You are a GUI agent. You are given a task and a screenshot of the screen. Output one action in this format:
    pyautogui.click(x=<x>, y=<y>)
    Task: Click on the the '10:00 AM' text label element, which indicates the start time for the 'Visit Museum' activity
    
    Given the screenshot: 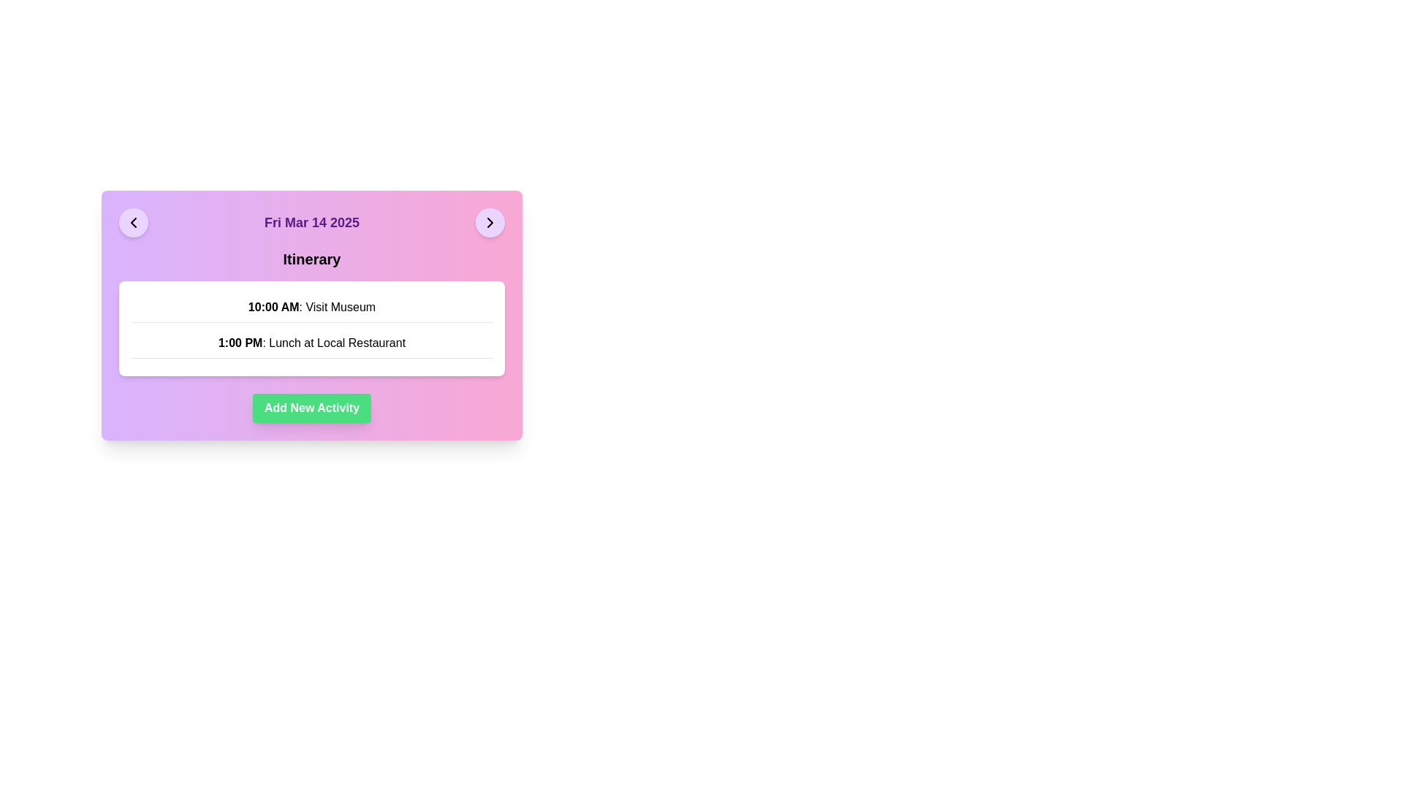 What is the action you would take?
    pyautogui.click(x=273, y=306)
    